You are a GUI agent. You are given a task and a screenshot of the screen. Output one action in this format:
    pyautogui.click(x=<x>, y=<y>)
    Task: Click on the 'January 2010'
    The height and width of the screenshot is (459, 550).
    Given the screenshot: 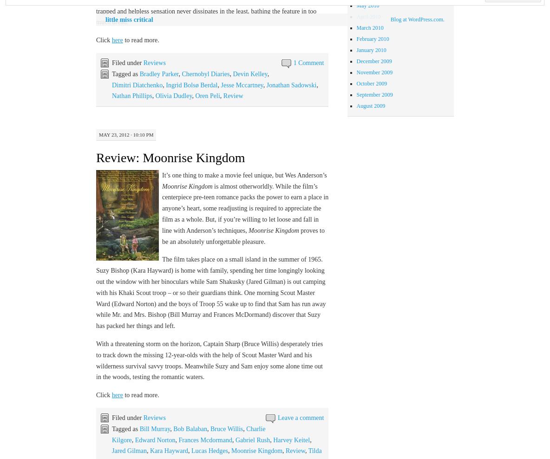 What is the action you would take?
    pyautogui.click(x=355, y=50)
    